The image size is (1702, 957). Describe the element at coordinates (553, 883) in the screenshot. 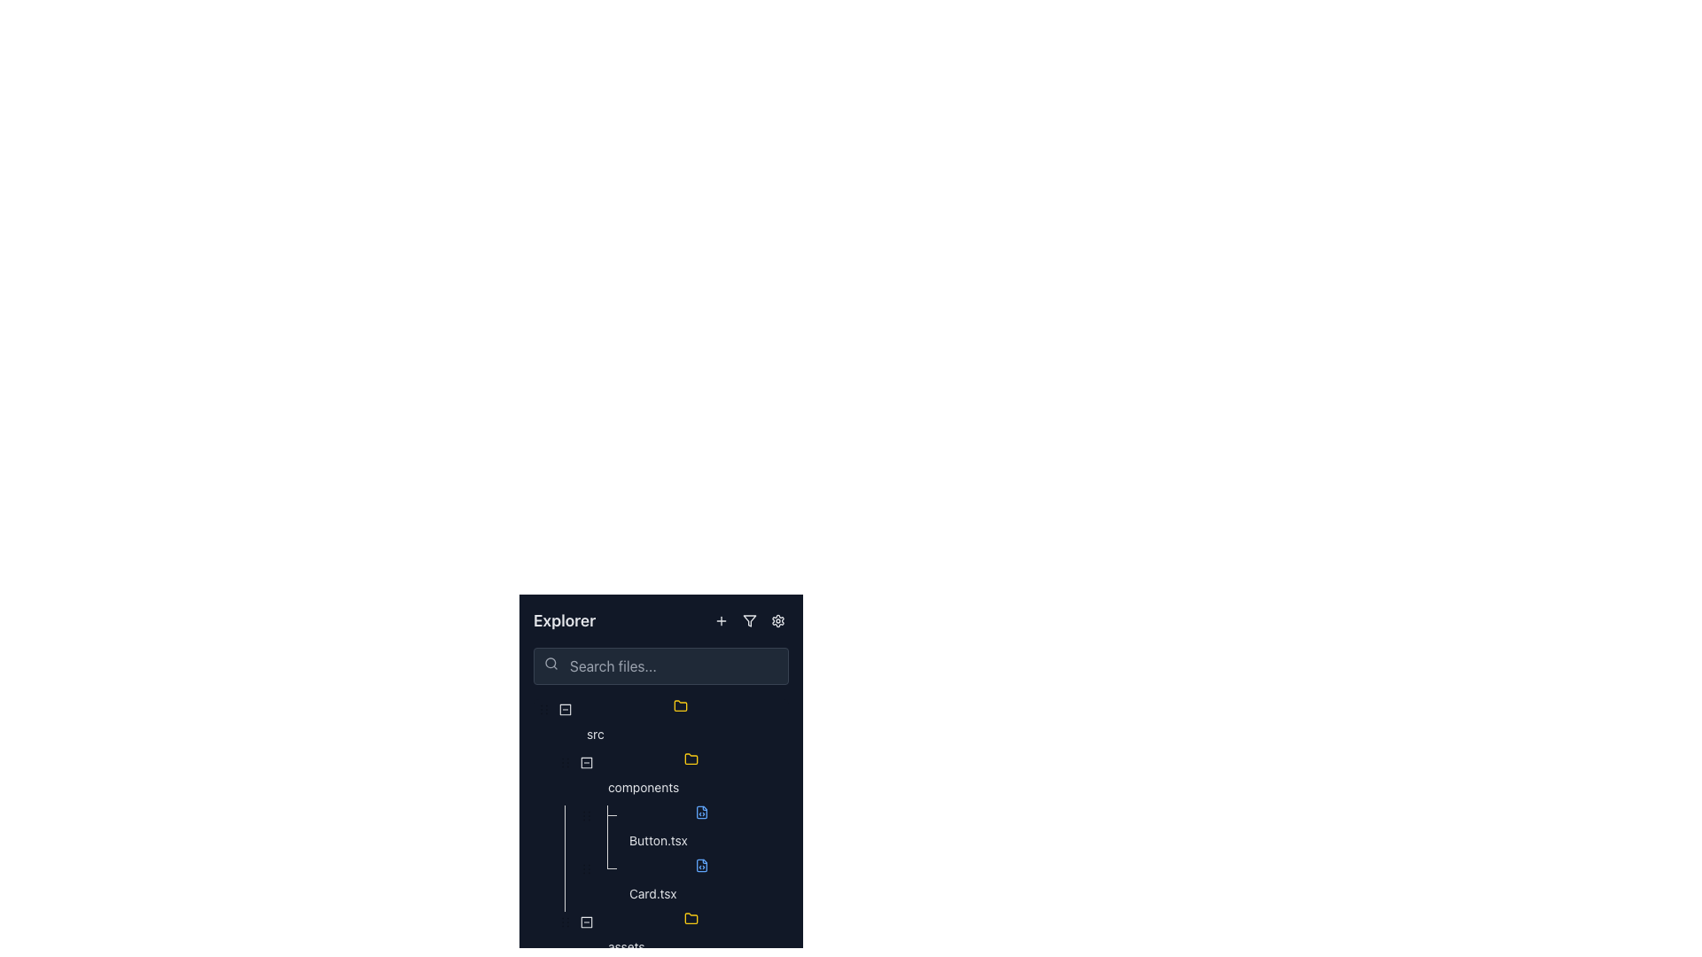

I see `the Tree Indentation Line located within the 'Card.tsx' node in the Explorer panel, which is the first element of its kind in the node, positioned directly to the left of the draggable icon and file name` at that location.